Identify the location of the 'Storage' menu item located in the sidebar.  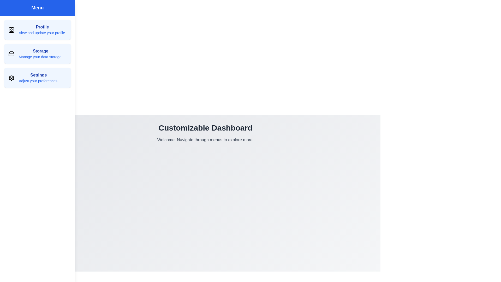
(37, 54).